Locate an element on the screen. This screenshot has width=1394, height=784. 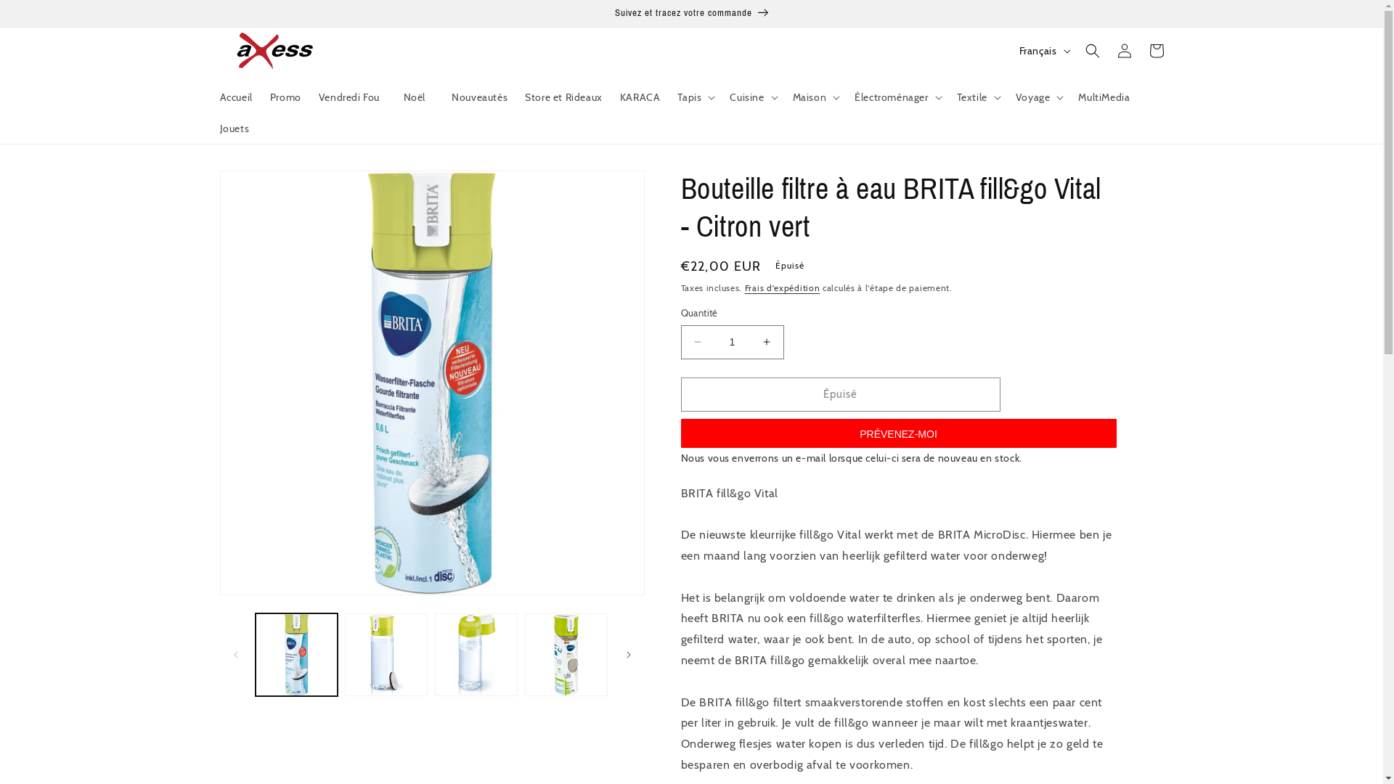
'Store et Rideaux' is located at coordinates (563, 97).